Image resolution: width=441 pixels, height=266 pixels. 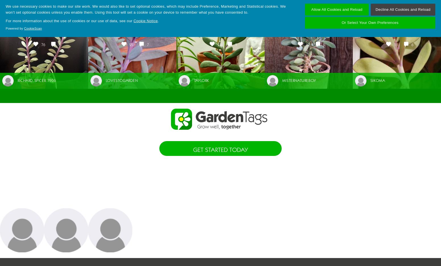 I want to click on '18', so click(x=396, y=44).